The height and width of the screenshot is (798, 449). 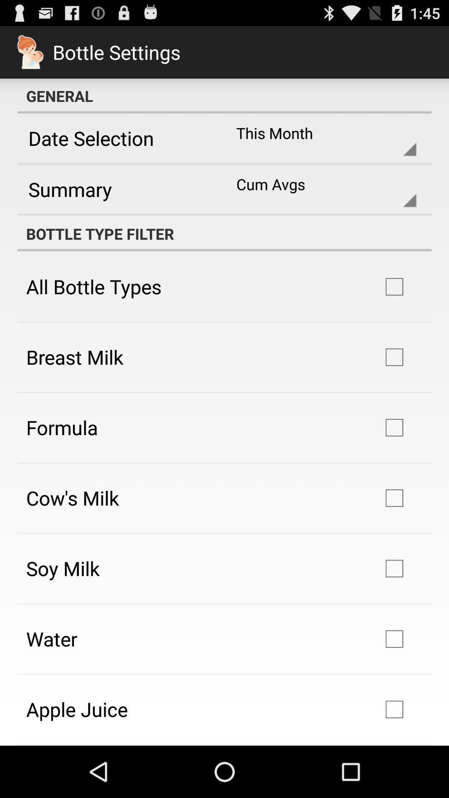 I want to click on app below general item, so click(x=118, y=138).